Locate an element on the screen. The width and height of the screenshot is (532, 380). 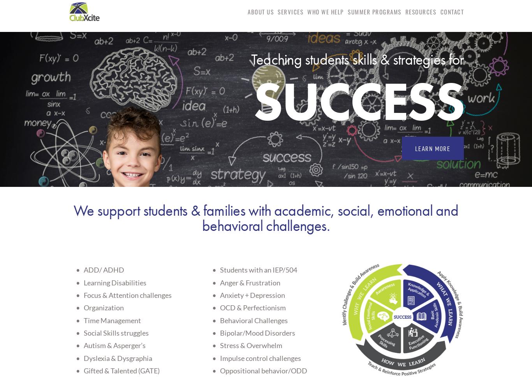
'Behavioral Challenges' is located at coordinates (253, 320).